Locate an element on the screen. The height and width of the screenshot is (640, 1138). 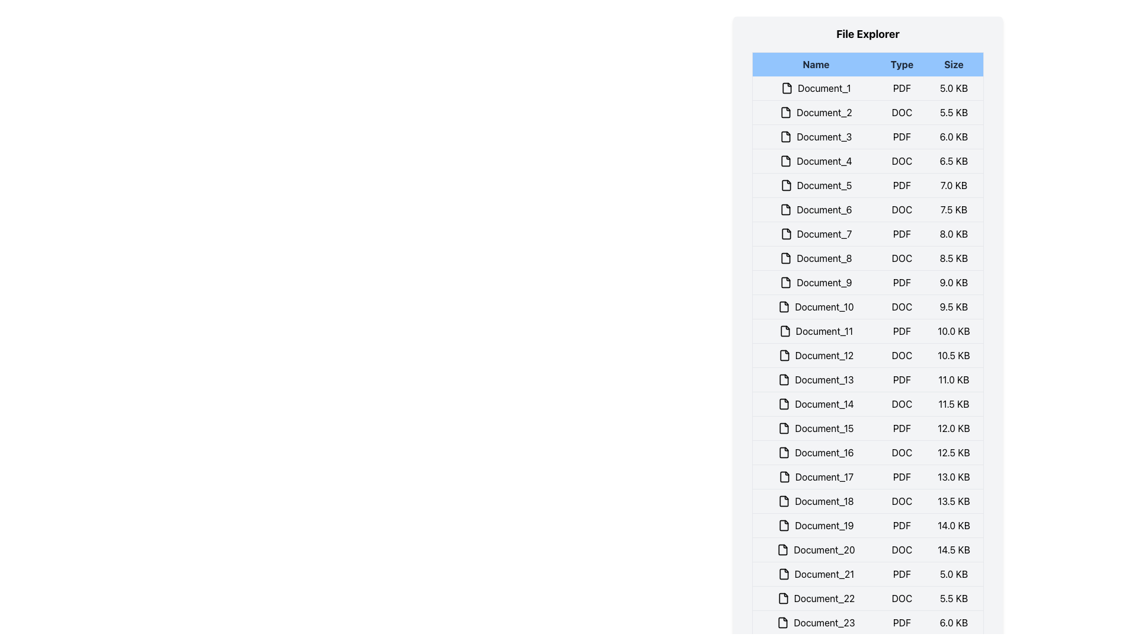
the row displaying information about 'Document_5', which is a PDF file of size 7.0 KB is located at coordinates (868, 185).